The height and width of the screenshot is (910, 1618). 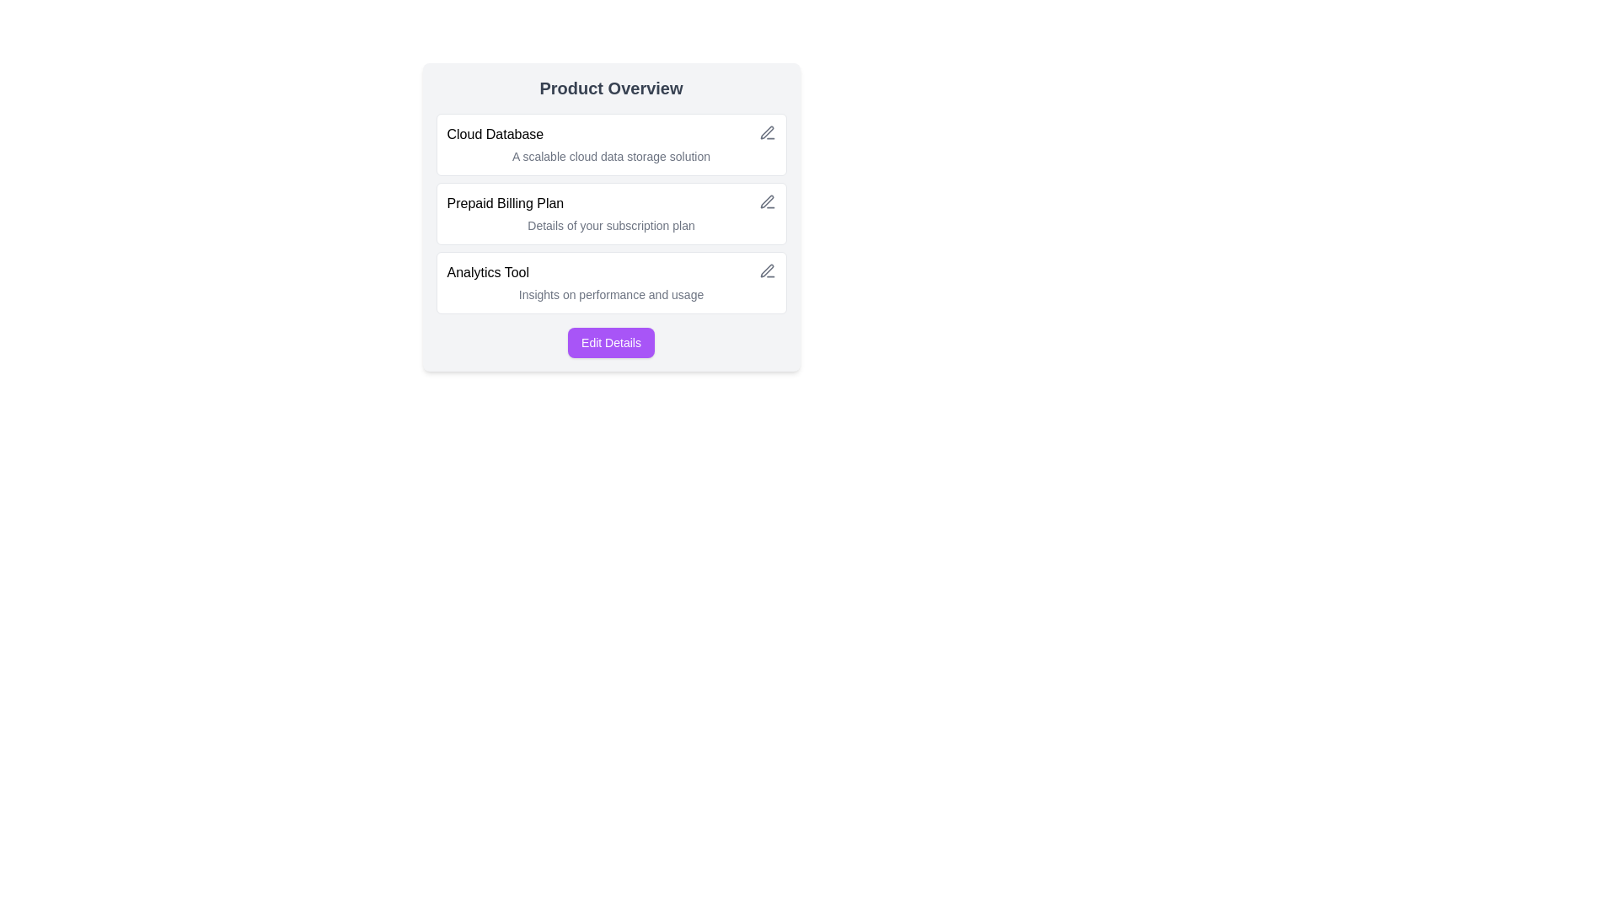 What do you see at coordinates (494, 133) in the screenshot?
I see `text label that displays 'Cloud Database', which is styled in bold and located above the descriptive text` at bounding box center [494, 133].